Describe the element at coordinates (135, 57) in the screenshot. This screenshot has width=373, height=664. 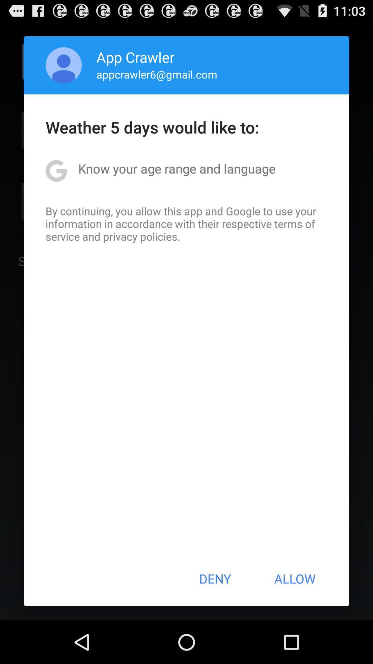
I see `app crawler app` at that location.